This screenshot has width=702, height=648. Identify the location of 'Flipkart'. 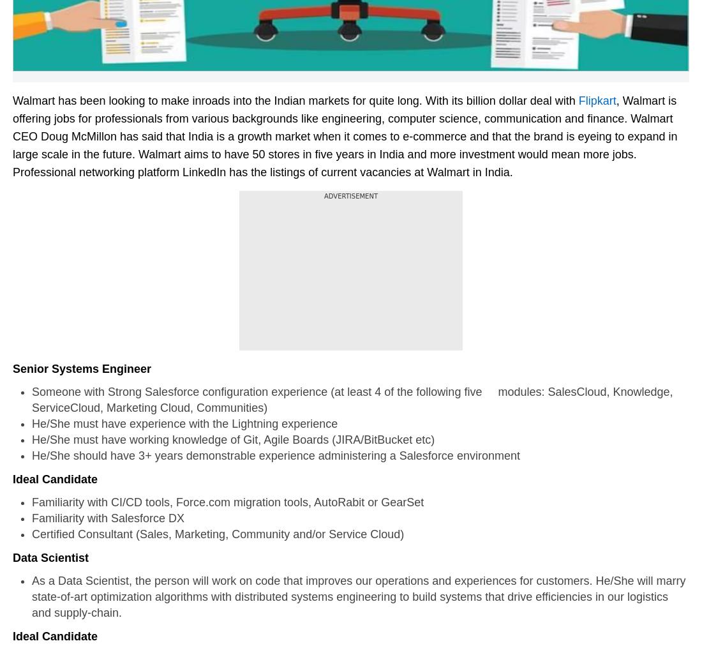
(597, 100).